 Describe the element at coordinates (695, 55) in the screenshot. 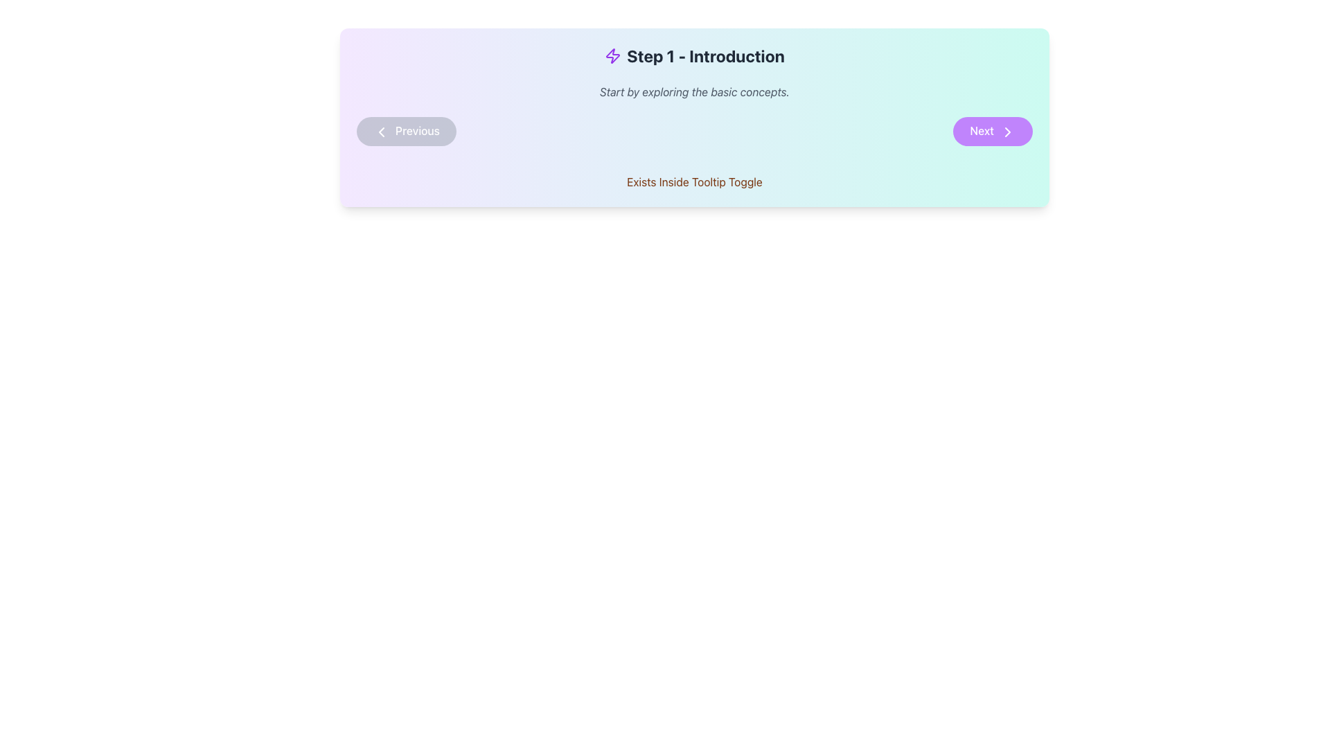

I see `the bold, large-font textual heading that reads 'Step 1 - Introduction' with a small purple lightning icon to its left, located at the top center of a card-like interface` at that location.